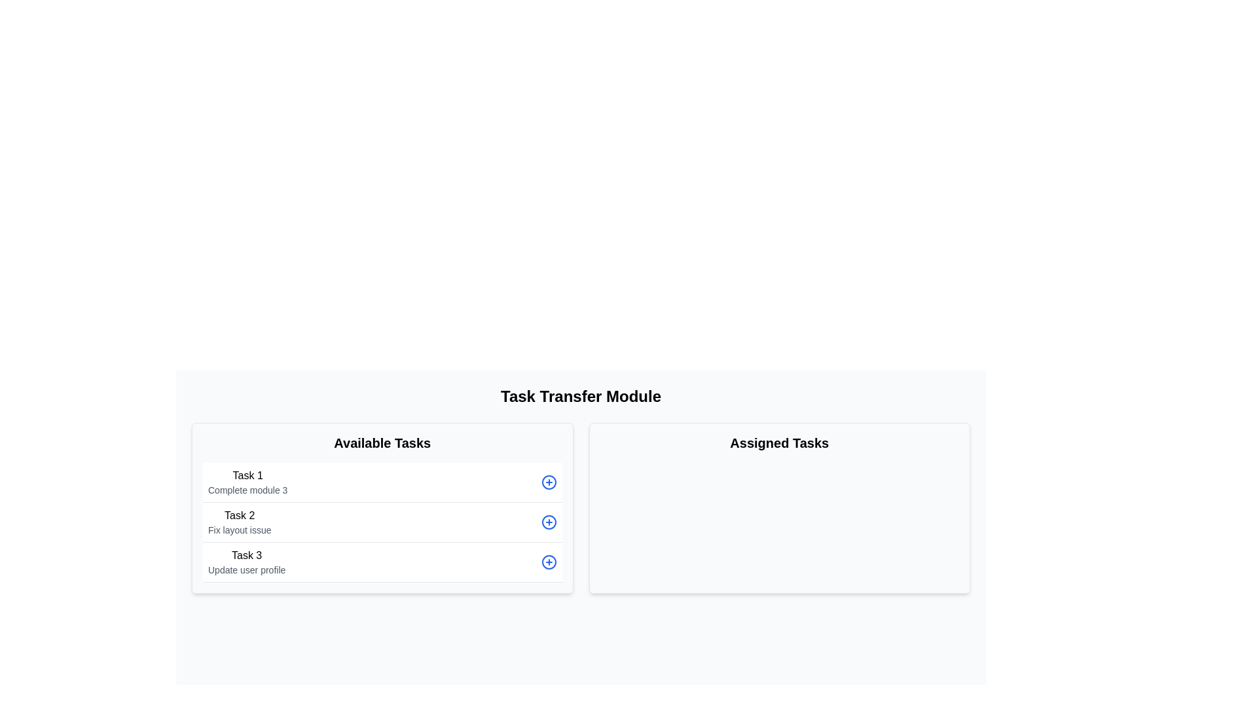 Image resolution: width=1257 pixels, height=707 pixels. I want to click on the circular SVG graphic element that is part of the 'circle-plus' icon, located at the far right of the 'Available Tasks' column, so click(549, 562).